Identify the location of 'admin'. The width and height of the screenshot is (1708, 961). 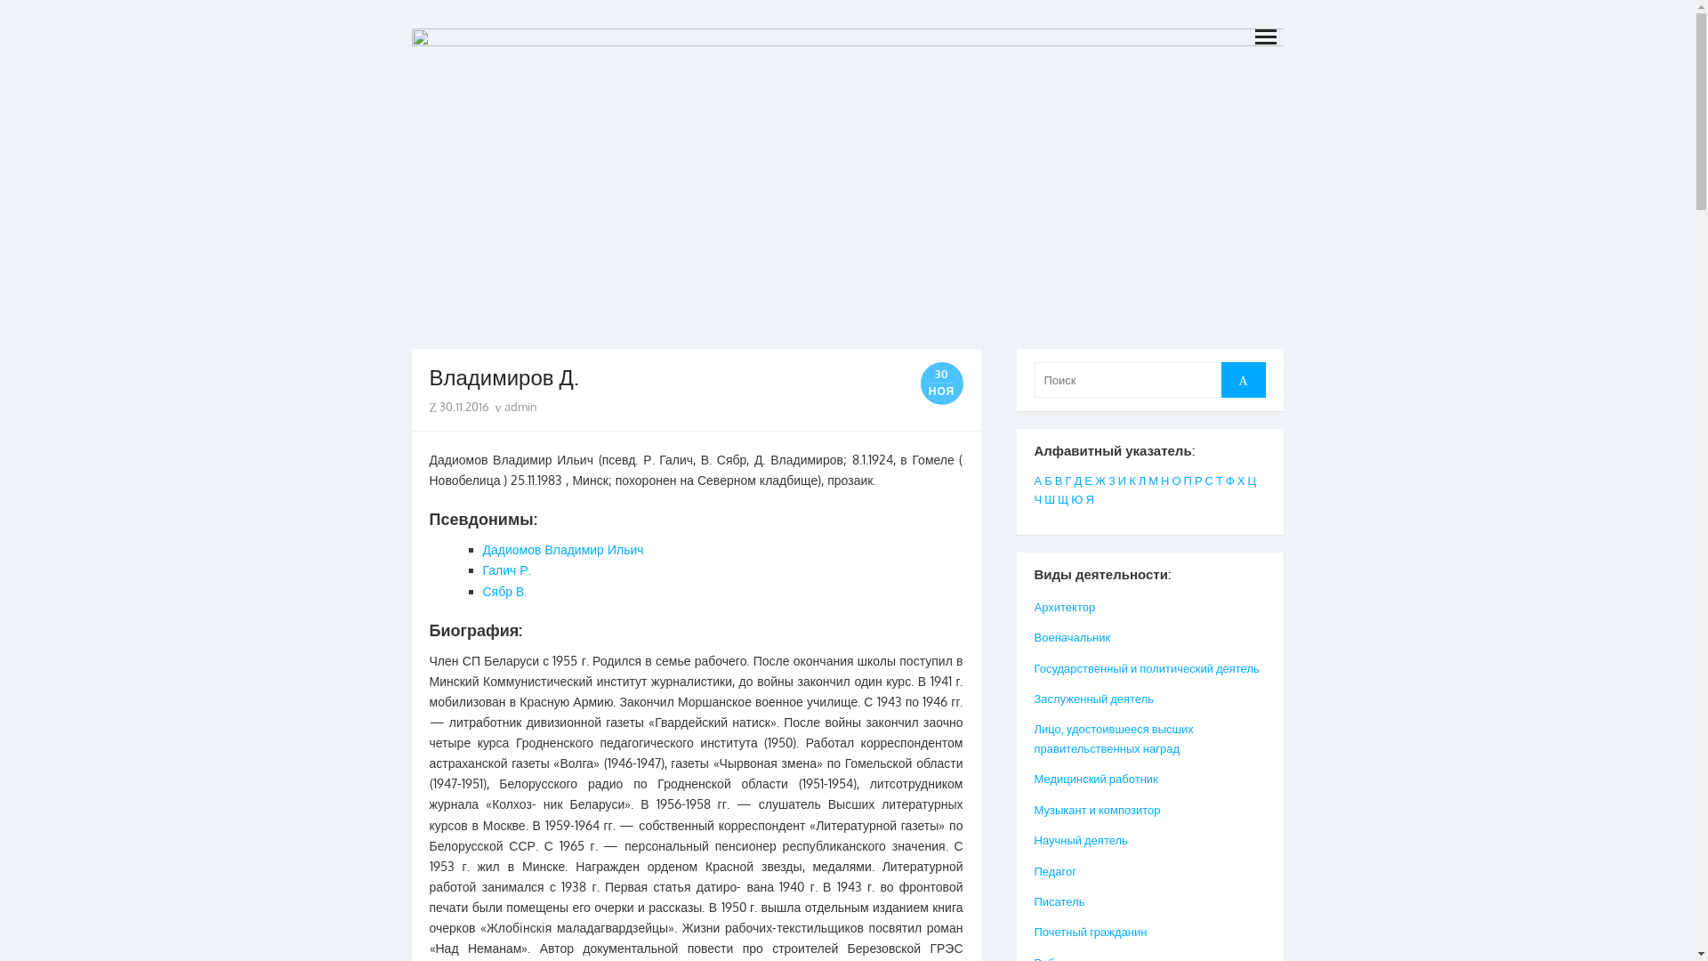
(515, 406).